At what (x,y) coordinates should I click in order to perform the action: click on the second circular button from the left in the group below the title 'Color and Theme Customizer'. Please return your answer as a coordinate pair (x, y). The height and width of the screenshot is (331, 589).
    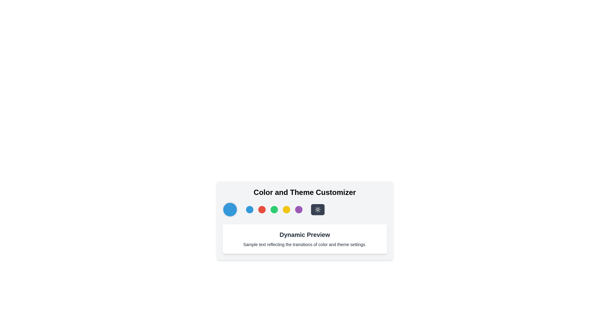
    Looking at the image, I should click on (262, 209).